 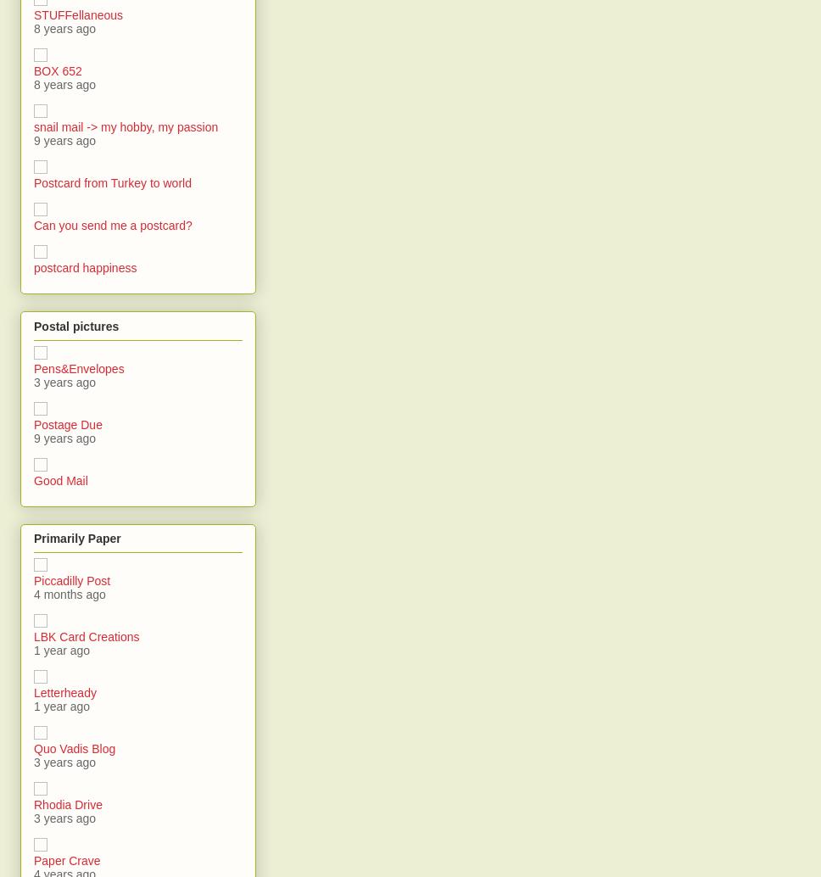 I want to click on 'Paper Crave', so click(x=65, y=859).